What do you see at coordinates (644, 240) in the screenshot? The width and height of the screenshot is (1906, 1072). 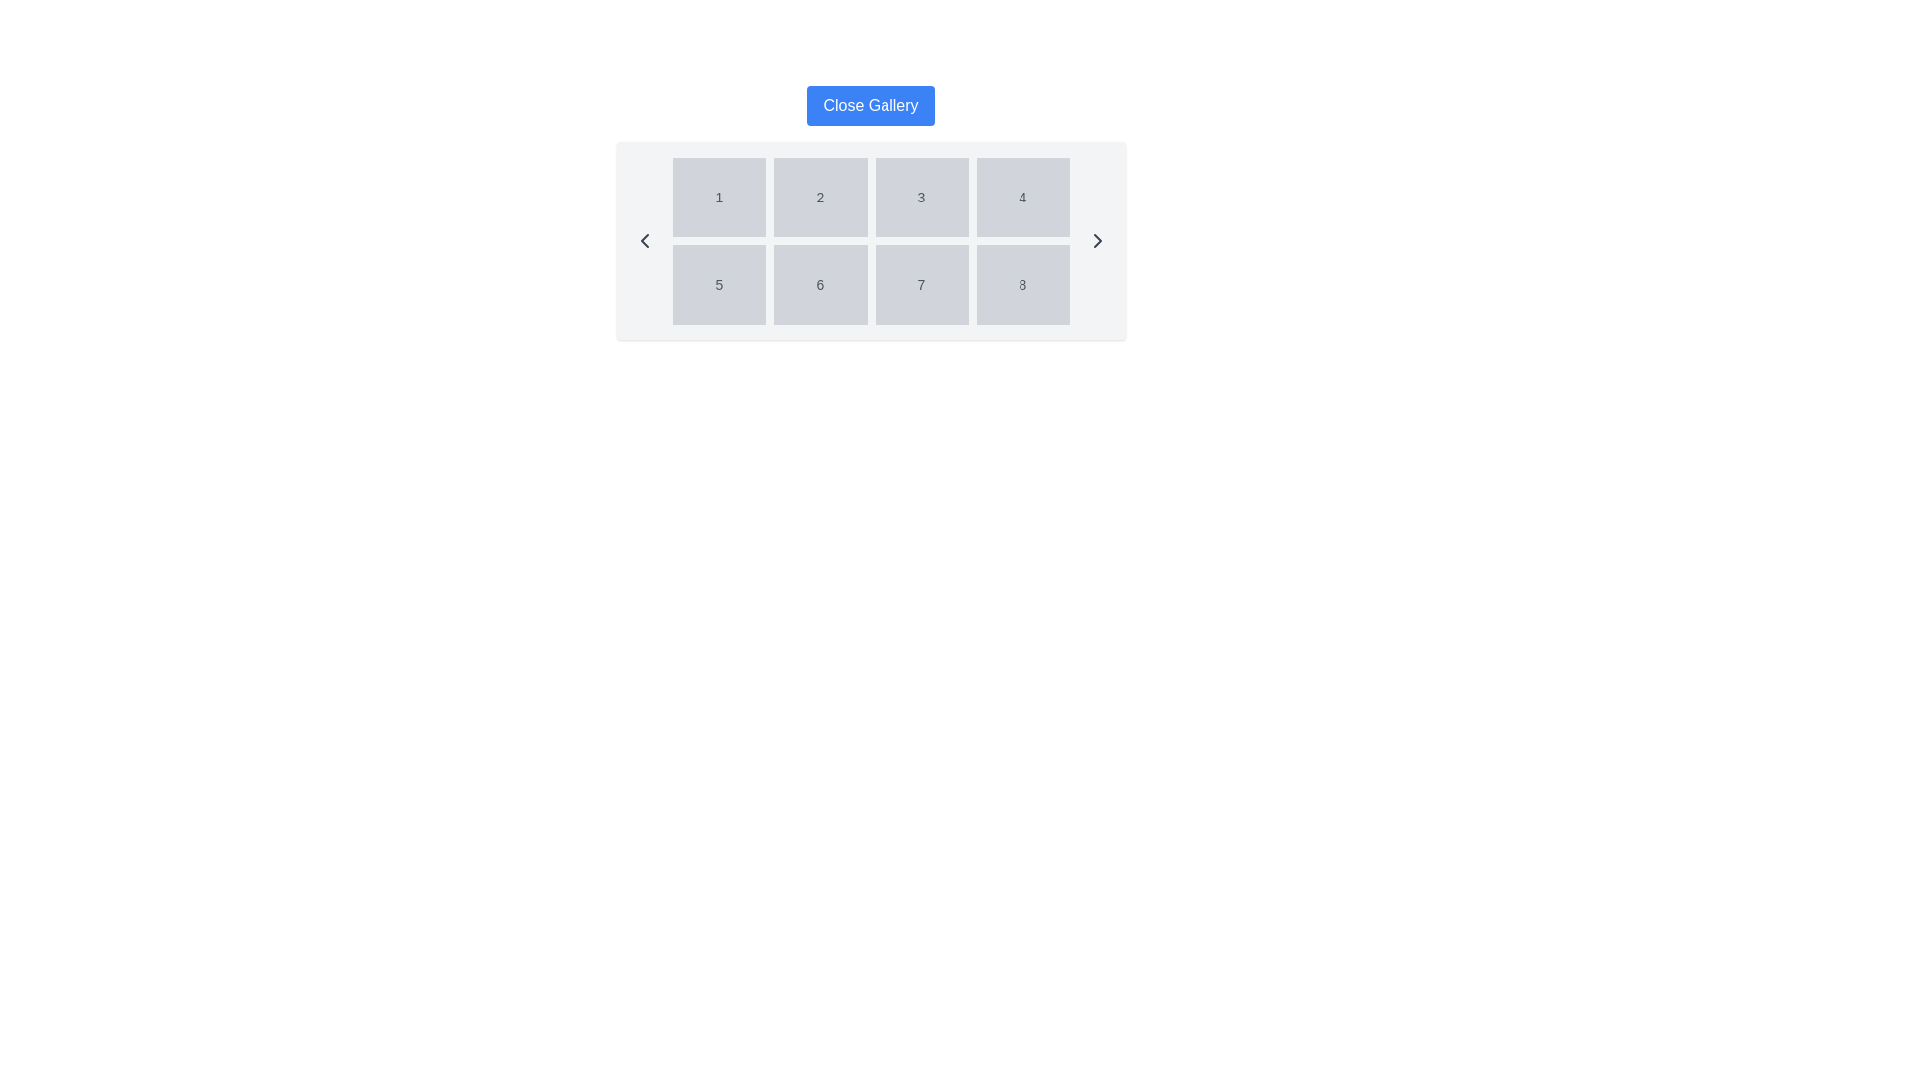 I see `the left arrow icon located on the far left of the horizontally centered panel` at bounding box center [644, 240].